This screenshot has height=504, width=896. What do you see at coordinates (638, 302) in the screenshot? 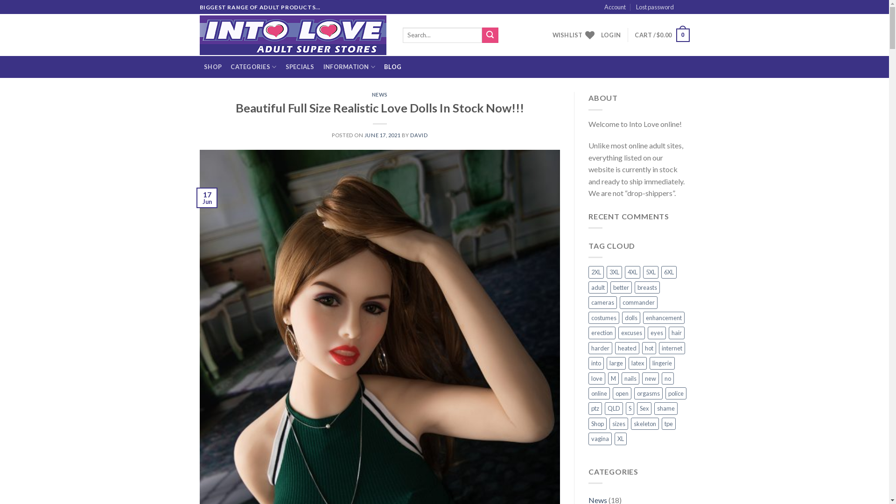
I see `'commander'` at bounding box center [638, 302].